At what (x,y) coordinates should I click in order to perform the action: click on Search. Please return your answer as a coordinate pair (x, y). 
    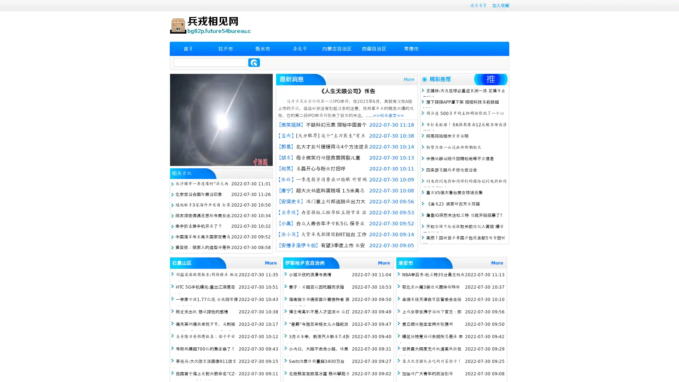
    Looking at the image, I should click on (254, 62).